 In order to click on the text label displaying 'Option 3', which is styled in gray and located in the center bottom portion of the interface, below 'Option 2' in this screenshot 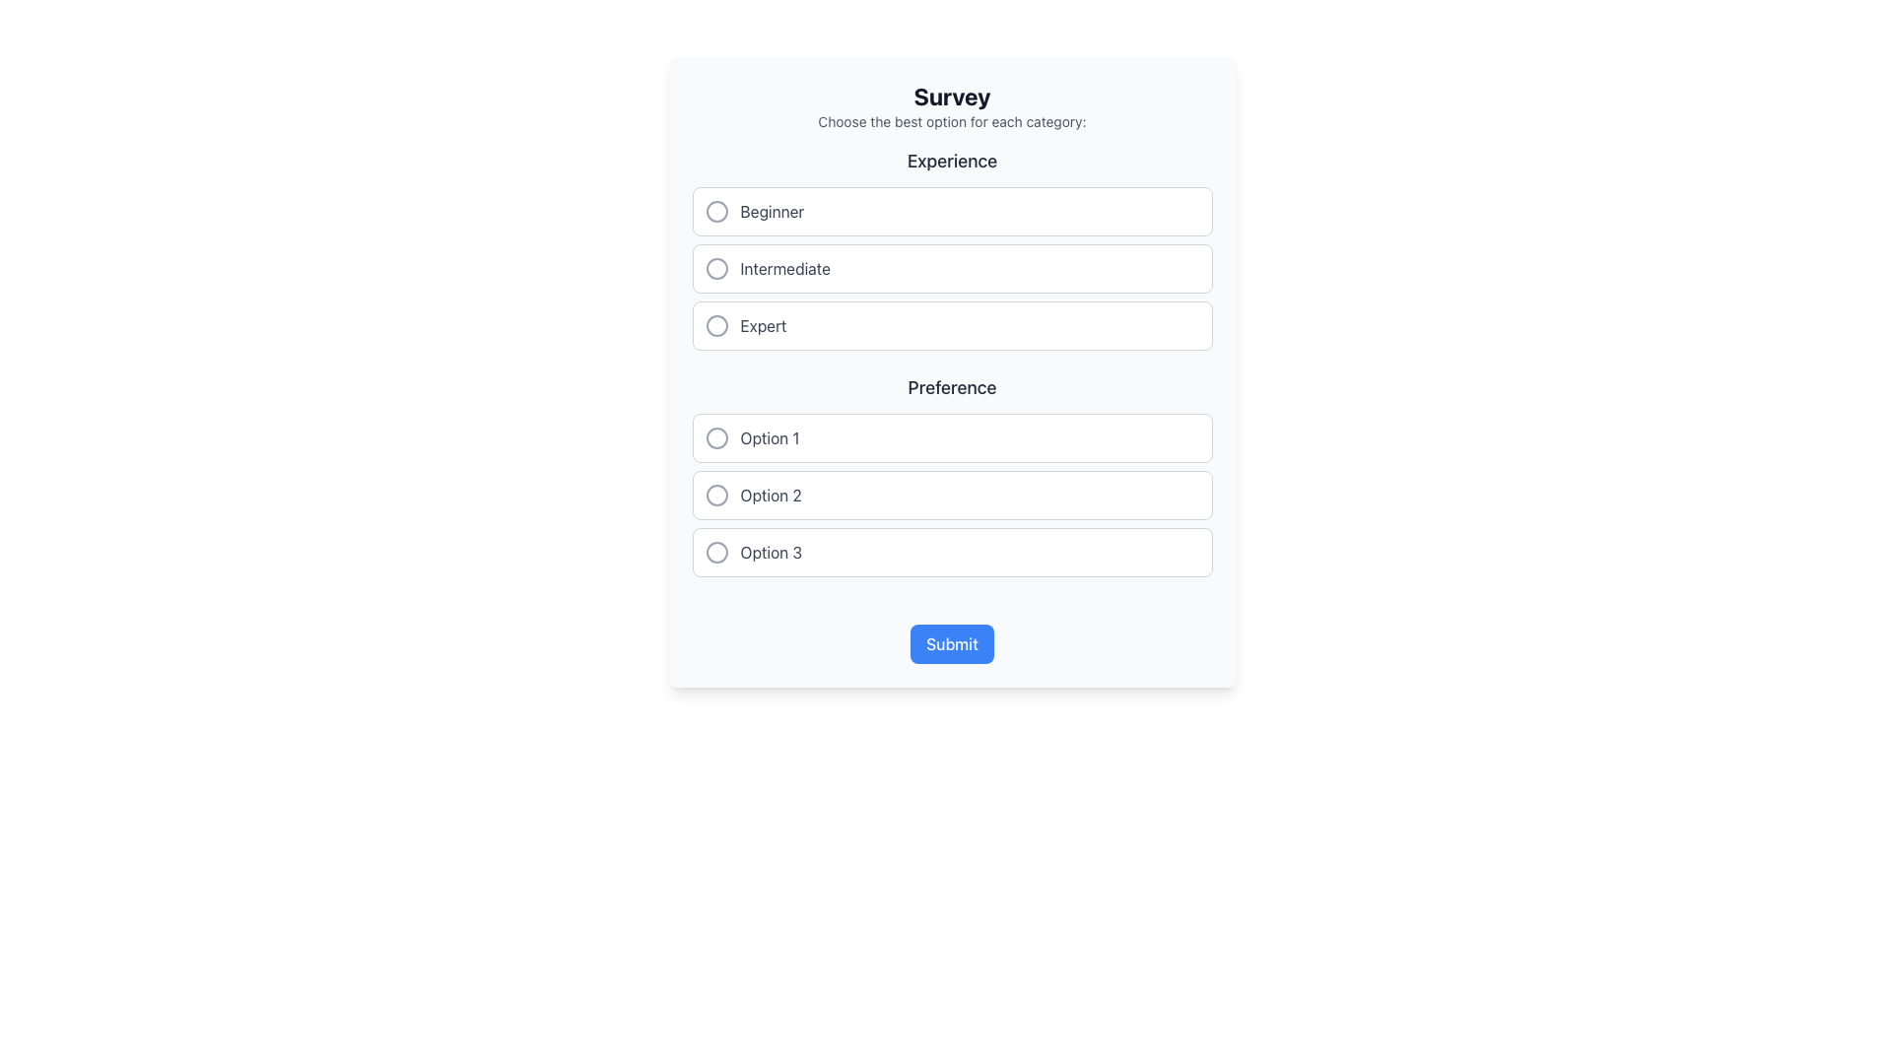, I will do `click(770, 552)`.